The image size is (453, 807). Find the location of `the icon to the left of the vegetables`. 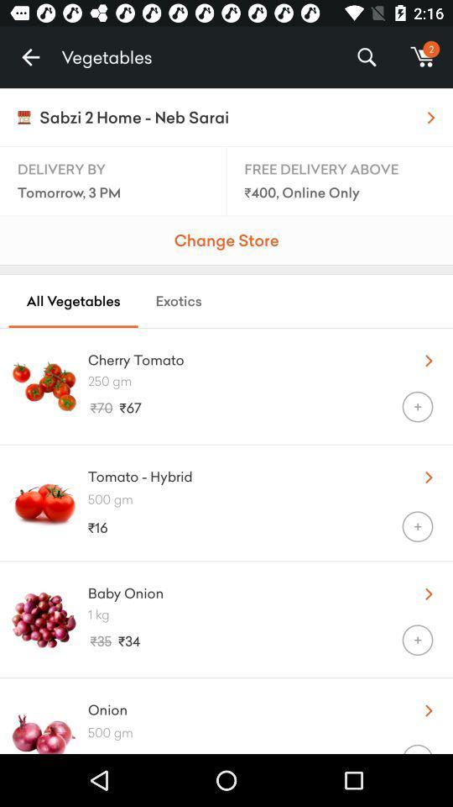

the icon to the left of the vegetables is located at coordinates (30, 57).